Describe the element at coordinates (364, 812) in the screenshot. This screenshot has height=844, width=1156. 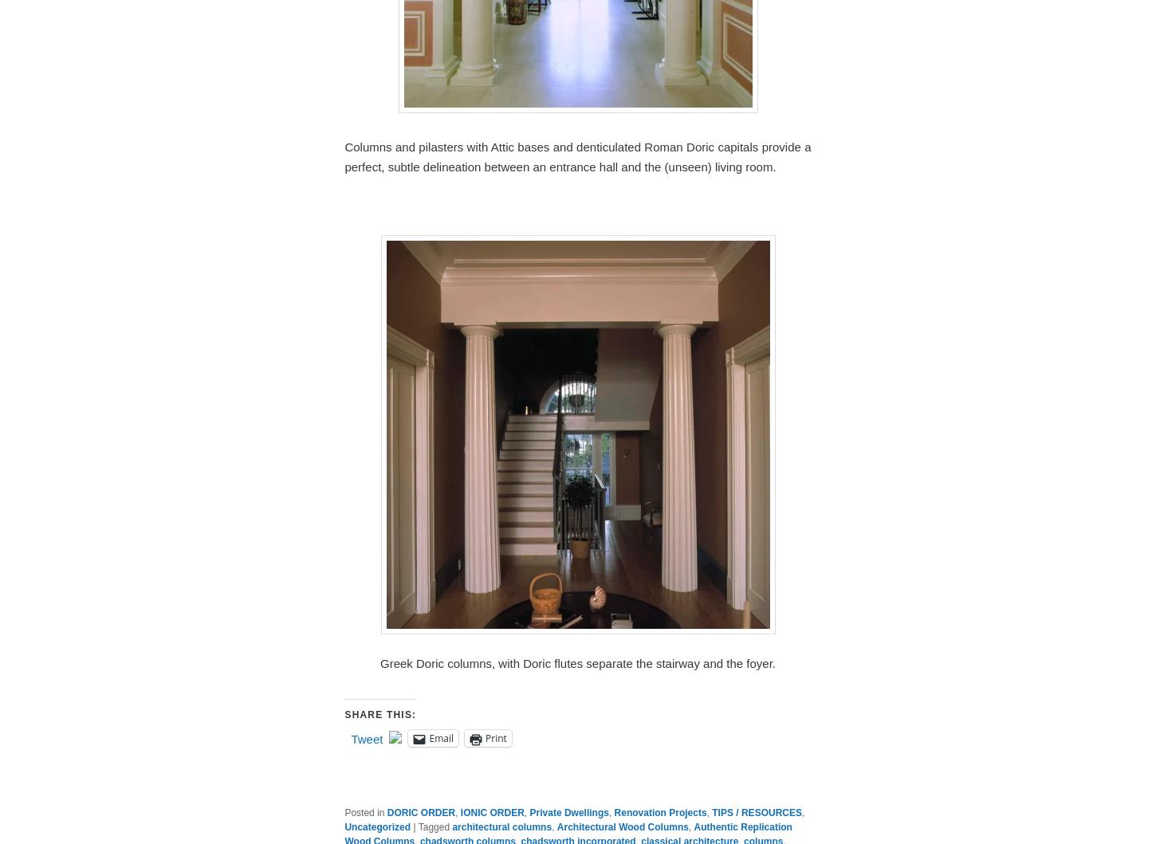
I see `'Posted in'` at that location.